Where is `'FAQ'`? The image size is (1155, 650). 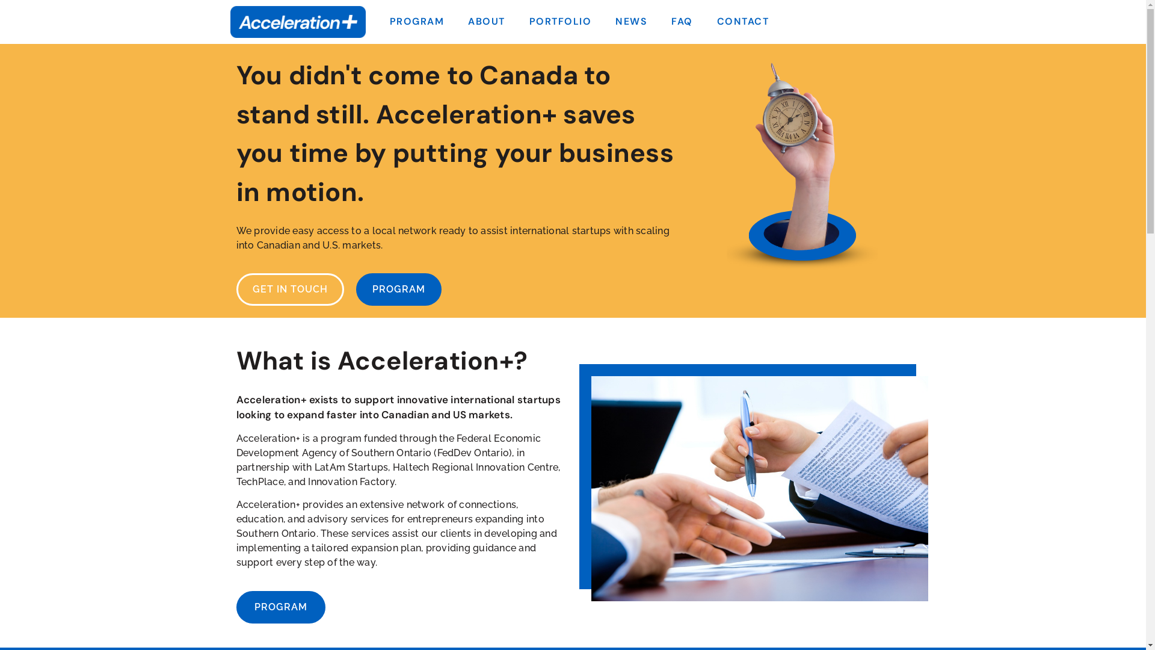
'FAQ' is located at coordinates (682, 21).